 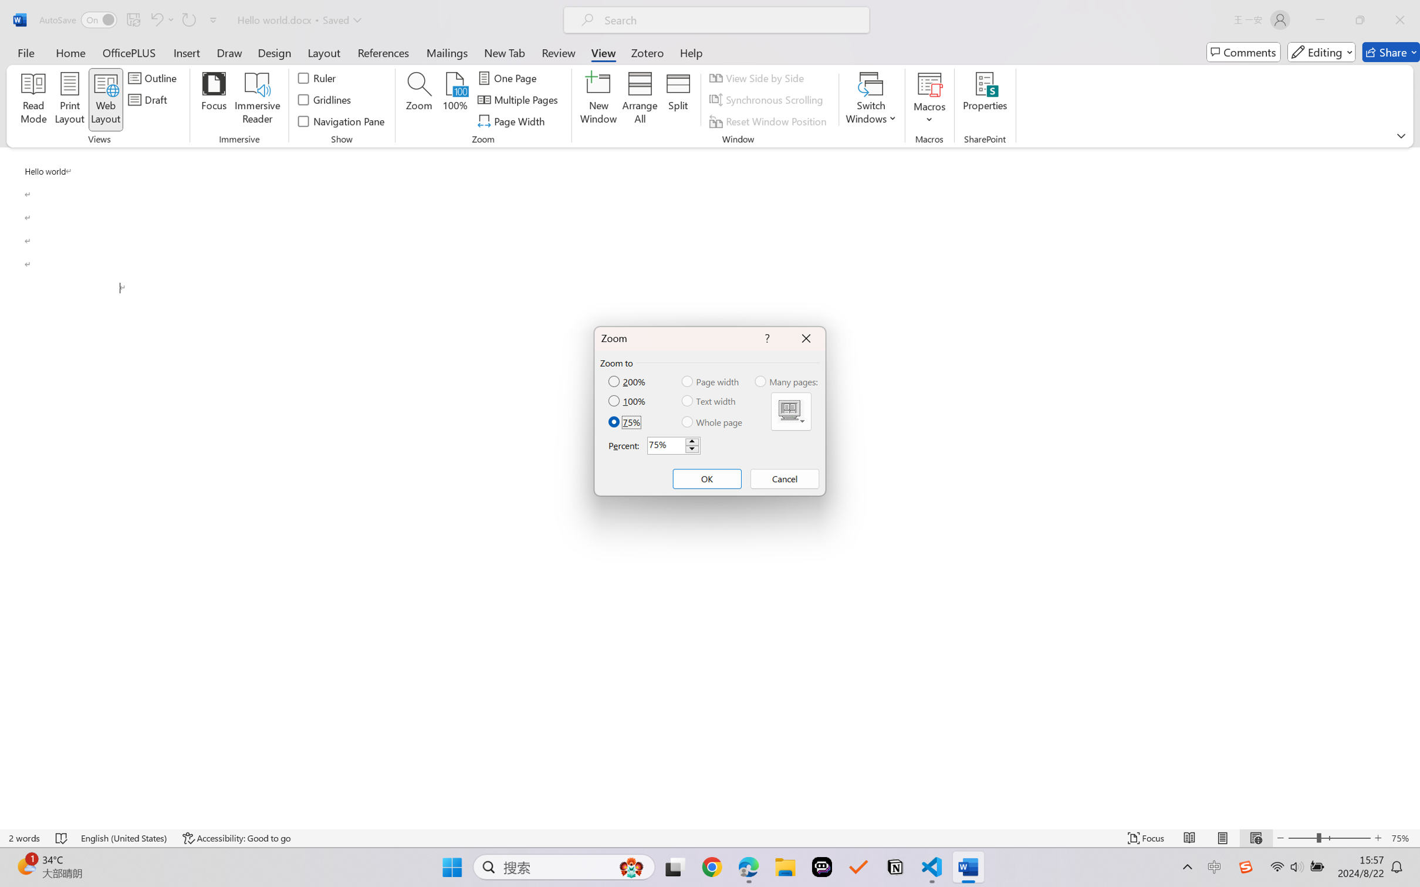 What do you see at coordinates (324, 100) in the screenshot?
I see `'Gridlines'` at bounding box center [324, 100].